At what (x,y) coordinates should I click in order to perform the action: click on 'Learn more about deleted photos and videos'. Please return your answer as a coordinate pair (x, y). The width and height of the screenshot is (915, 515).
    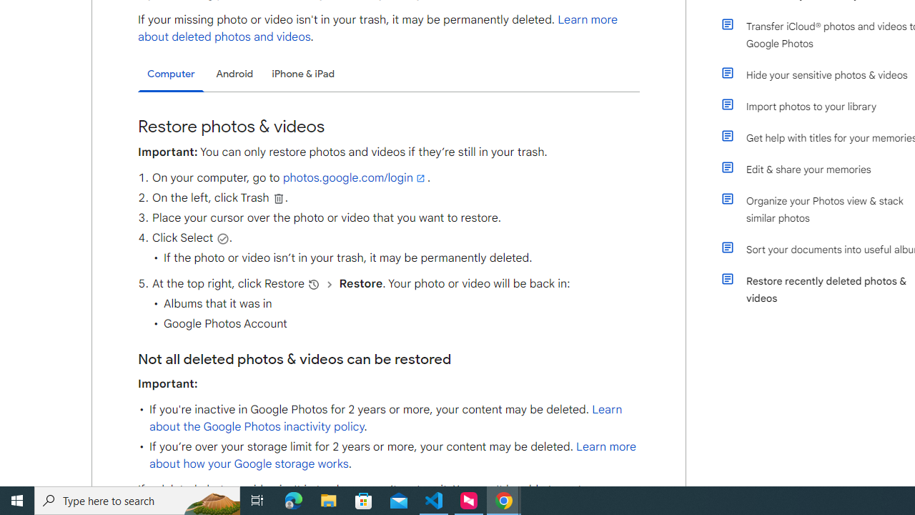
    Looking at the image, I should click on (378, 28).